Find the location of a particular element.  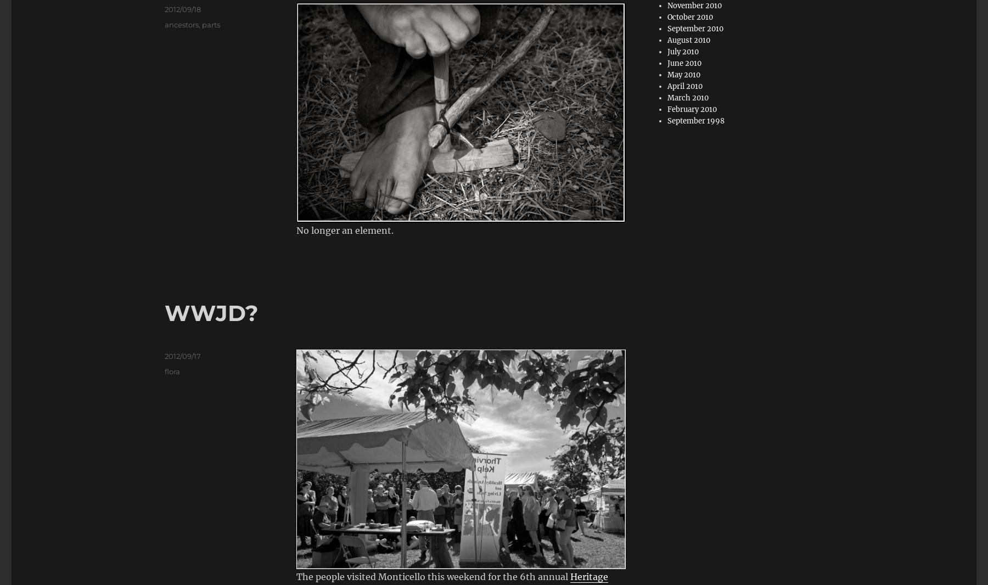

',' is located at coordinates (200, 24).